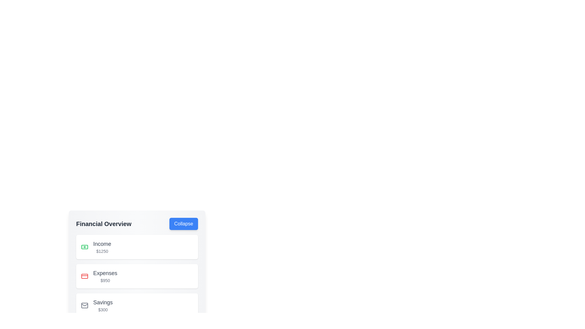 The width and height of the screenshot is (585, 329). What do you see at coordinates (137, 276) in the screenshot?
I see `the 'Expenses' content card, which is the second card in the vertical list of three cards in the 'Financial Overview' section, featuring a red credit card icon and a white background` at bounding box center [137, 276].